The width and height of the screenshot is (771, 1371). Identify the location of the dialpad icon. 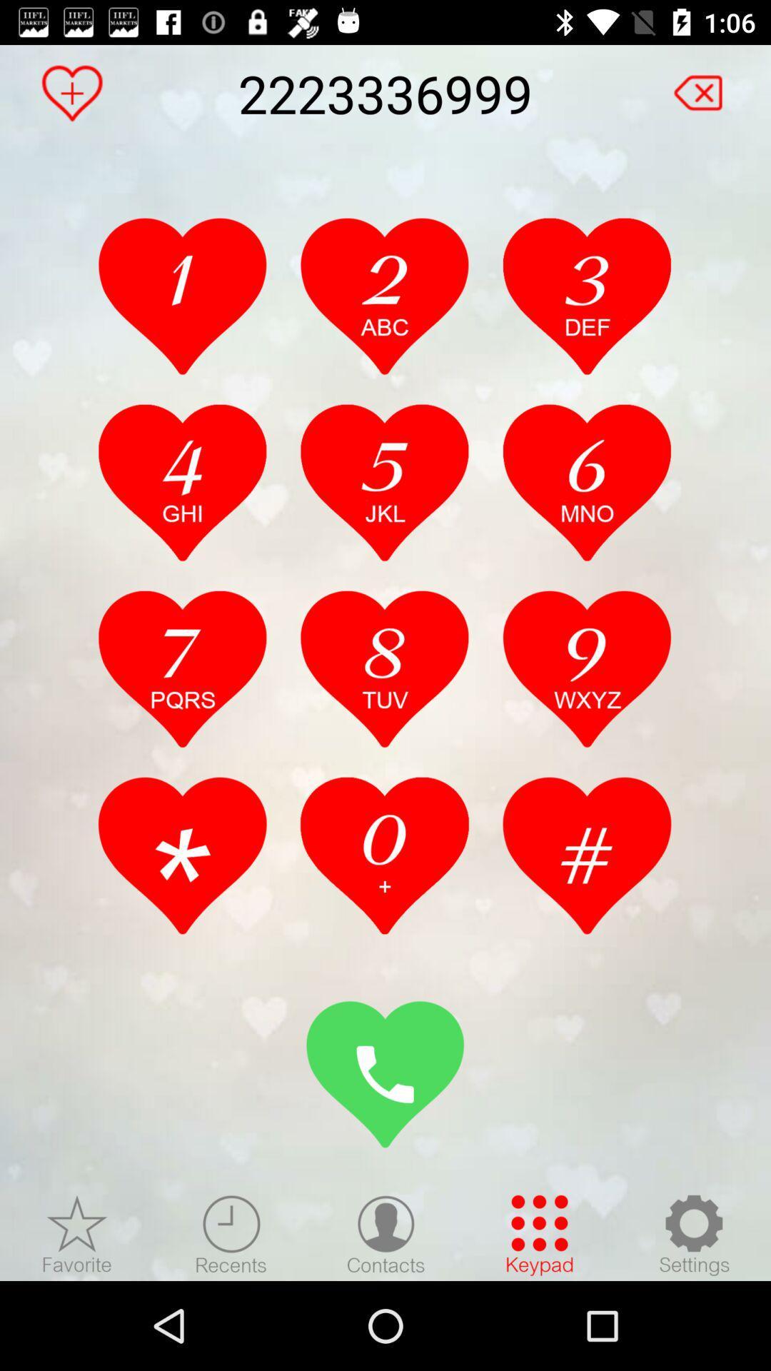
(540, 1234).